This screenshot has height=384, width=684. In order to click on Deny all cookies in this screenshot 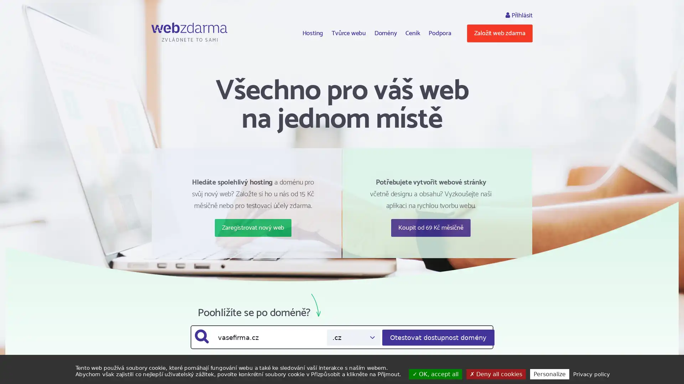, I will do `click(495, 374)`.